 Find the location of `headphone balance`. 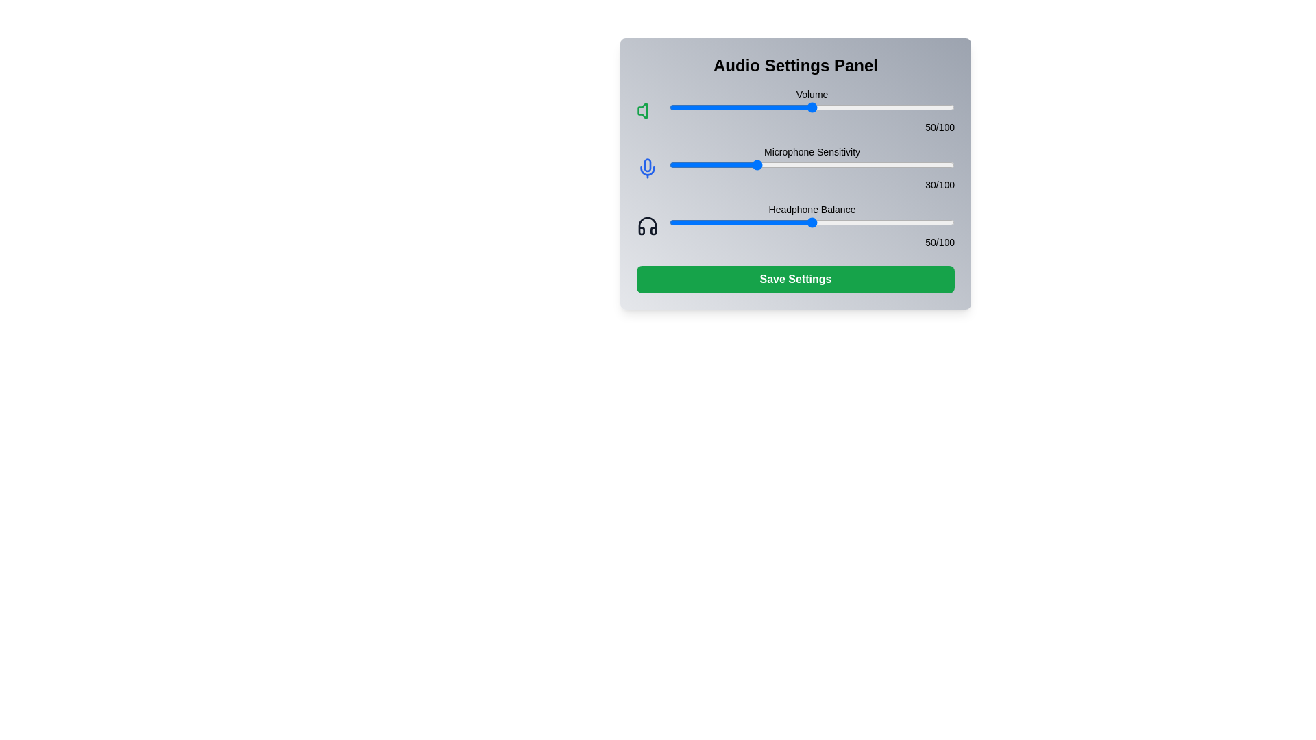

headphone balance is located at coordinates (754, 221).